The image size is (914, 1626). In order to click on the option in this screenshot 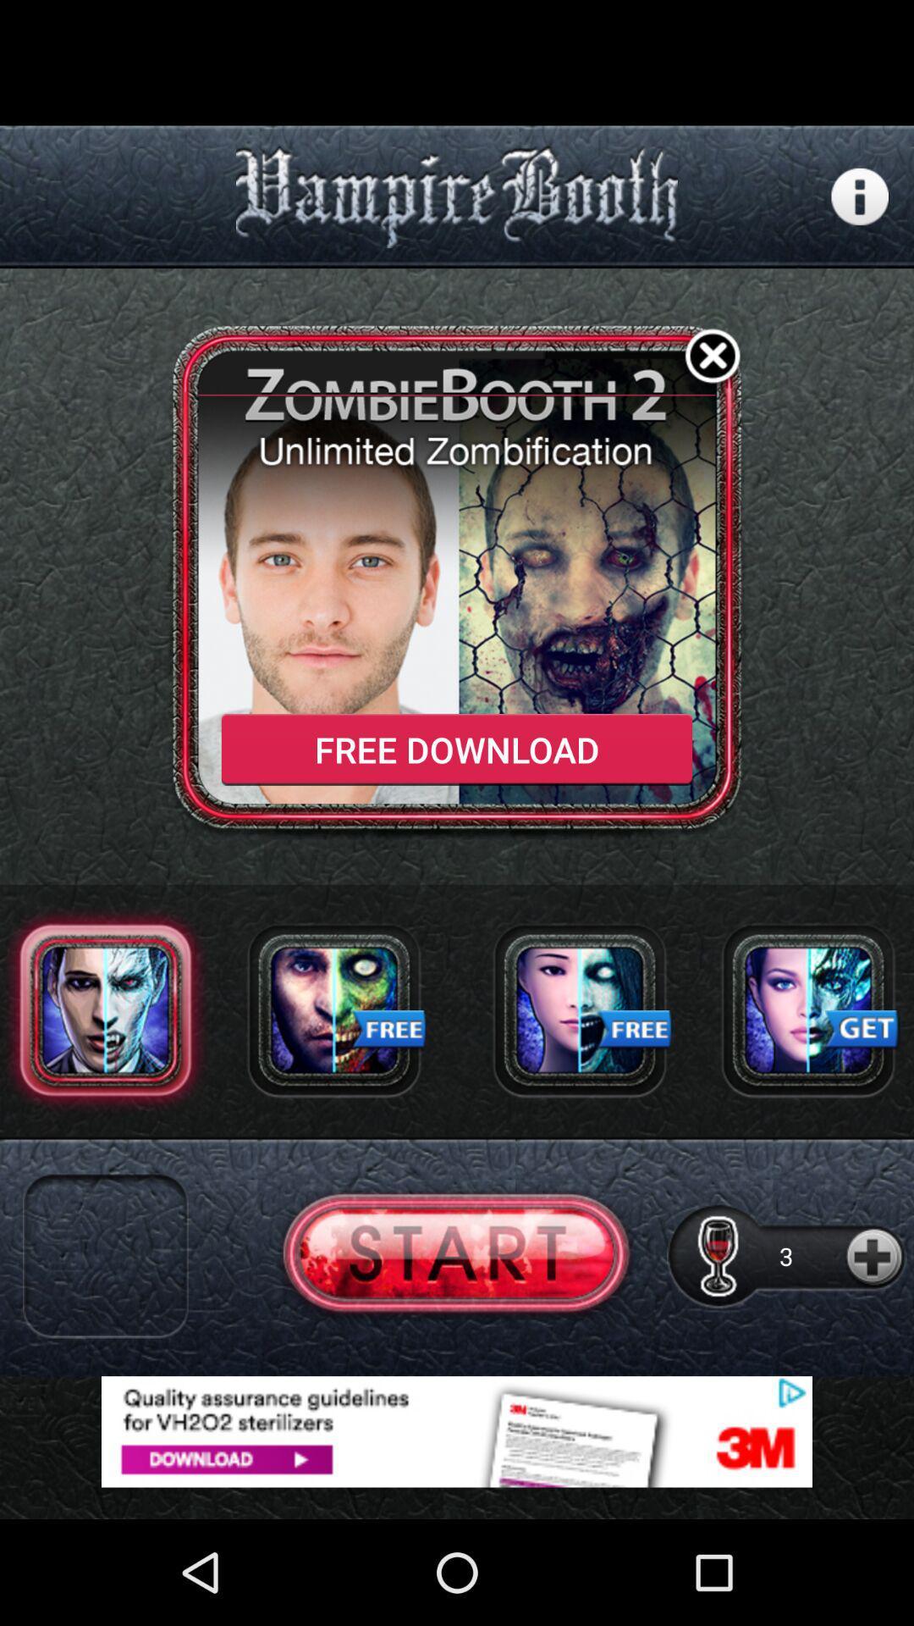, I will do `click(713, 358)`.